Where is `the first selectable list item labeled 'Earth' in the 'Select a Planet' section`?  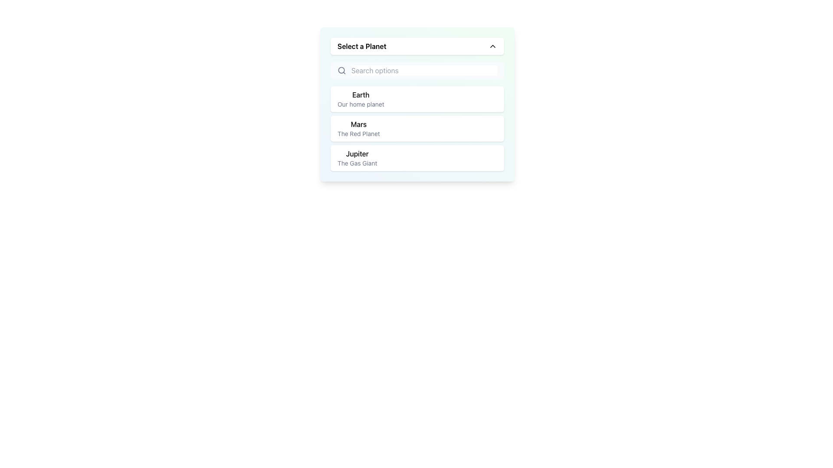
the first selectable list item labeled 'Earth' in the 'Select a Planet' section is located at coordinates (417, 104).